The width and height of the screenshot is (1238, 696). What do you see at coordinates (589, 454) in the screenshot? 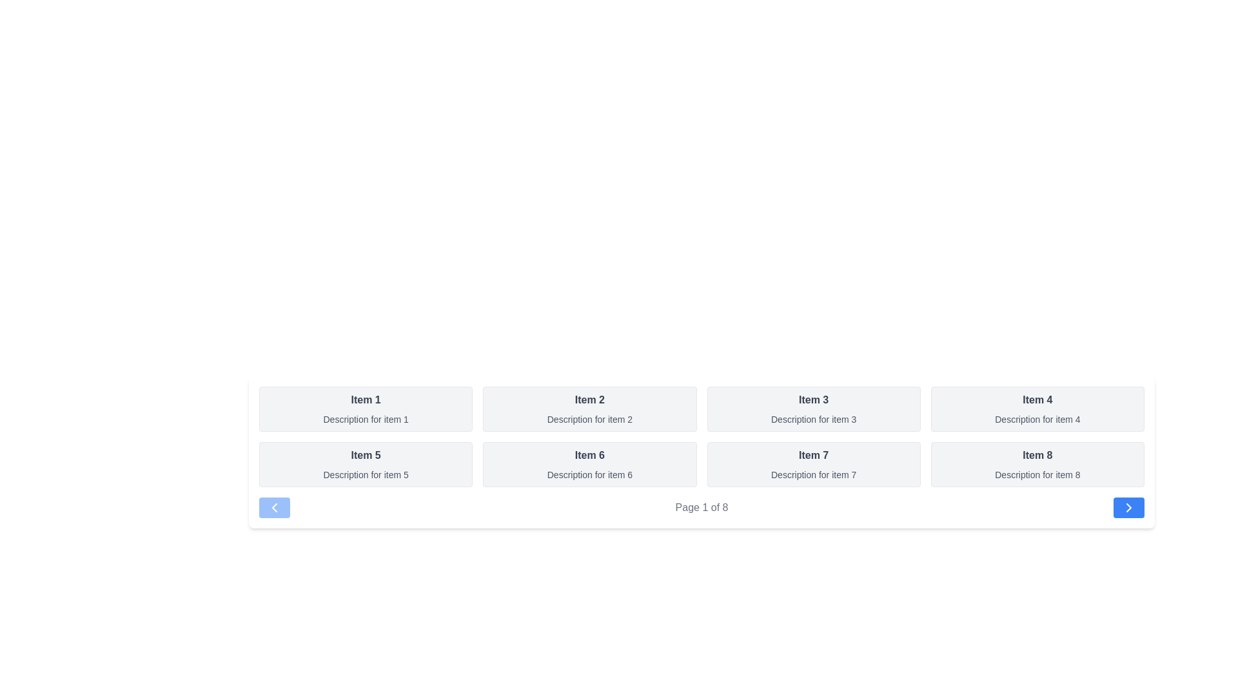
I see `the bold text label reading 'Item 6', which is styled in gray and located in the bottom row and second column of the grid layout, directly above the description text 'Description for item 6'` at bounding box center [589, 454].